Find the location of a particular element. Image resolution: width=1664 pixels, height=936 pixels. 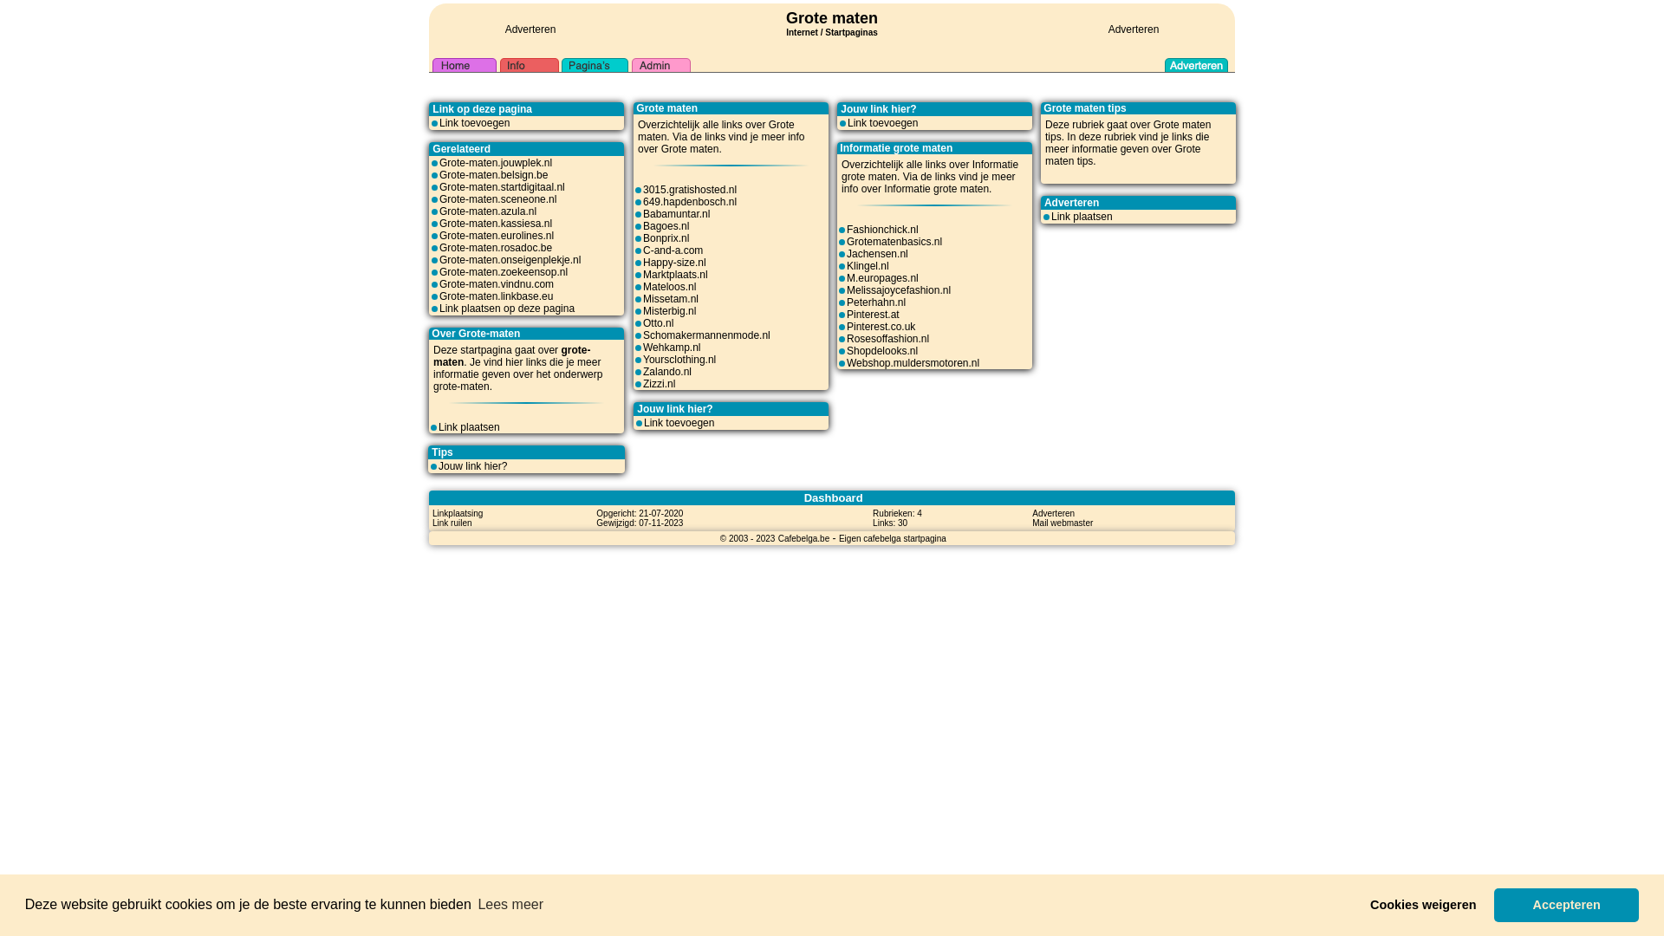

'Grote-maten.sceneone.nl' is located at coordinates (497, 198).